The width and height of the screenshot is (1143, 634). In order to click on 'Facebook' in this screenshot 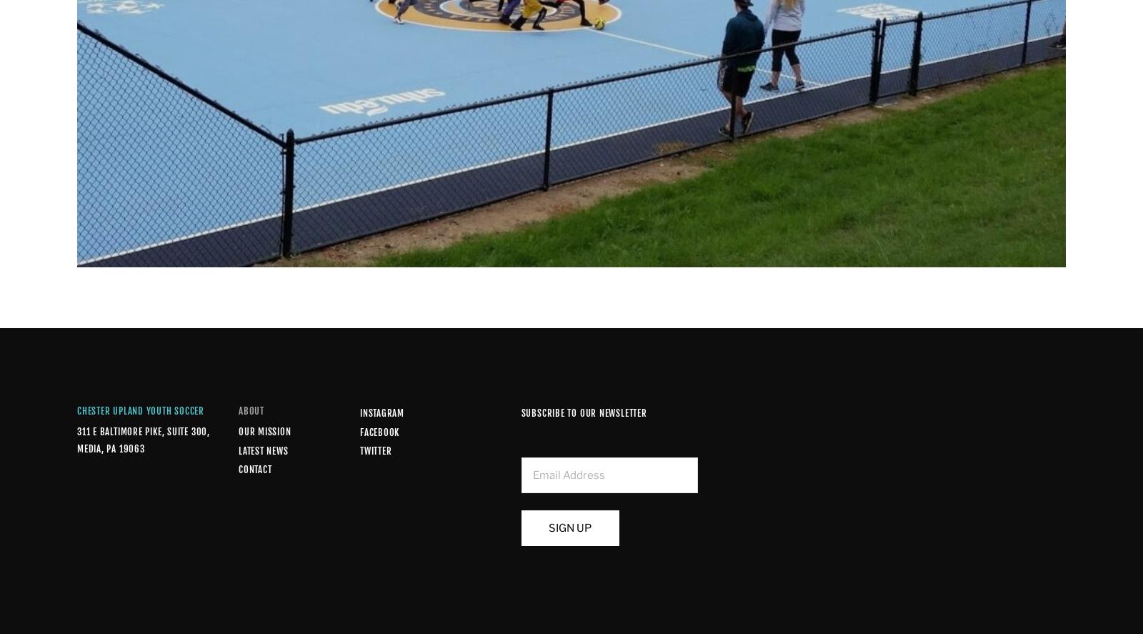, I will do `click(379, 431)`.